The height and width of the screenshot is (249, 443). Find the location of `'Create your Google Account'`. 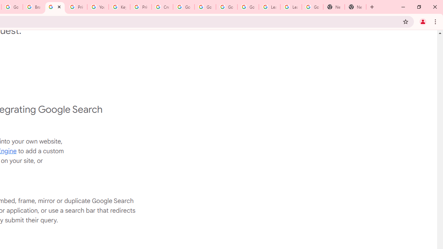

'Create your Google Account' is located at coordinates (162, 7).